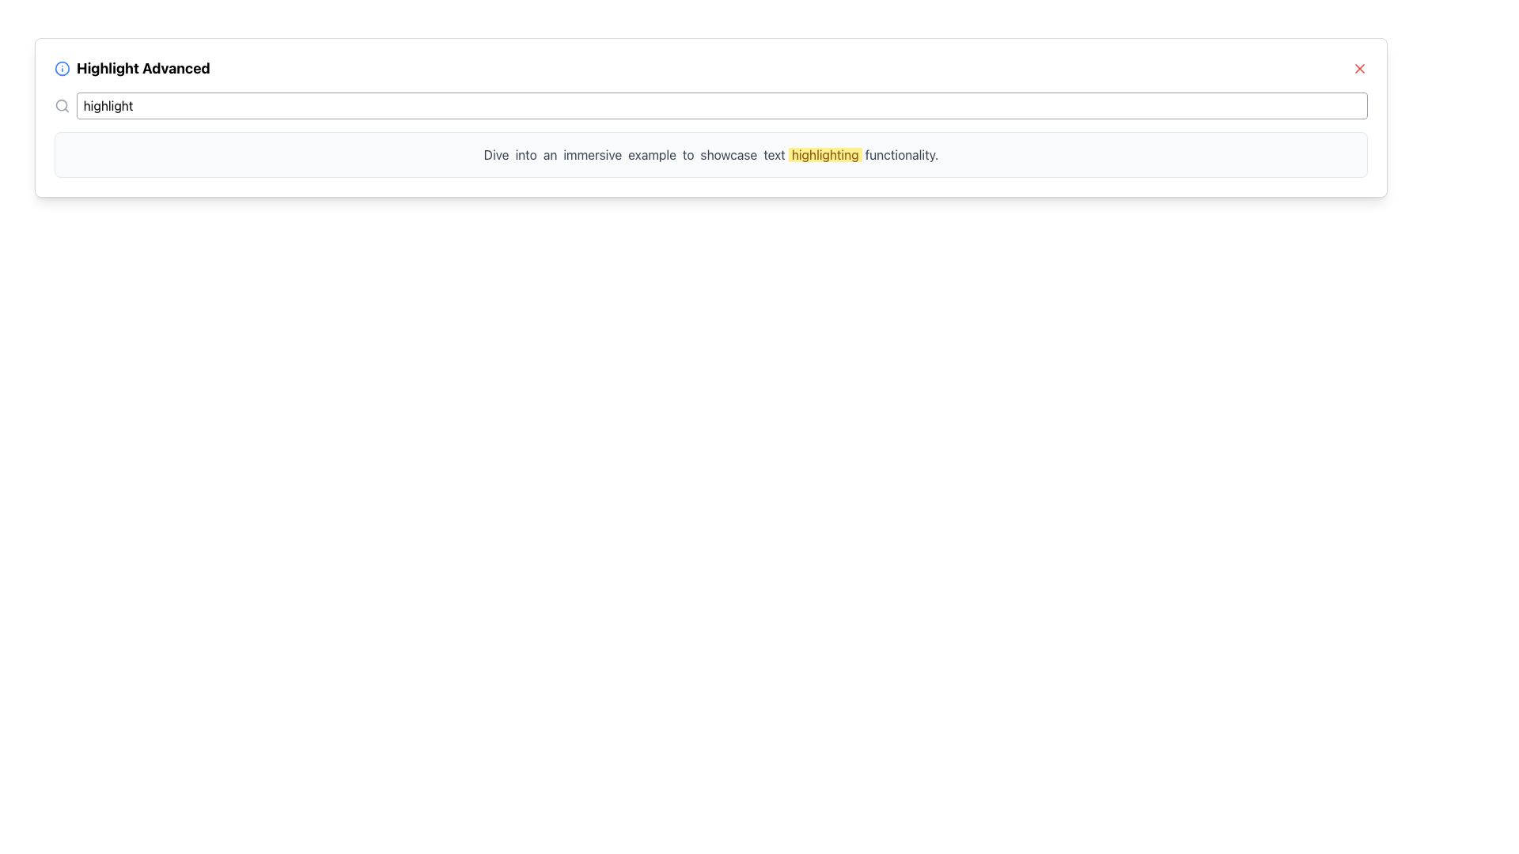 The image size is (1519, 854). Describe the element at coordinates (62, 106) in the screenshot. I see `the search icon located to the left of the text input field` at that location.